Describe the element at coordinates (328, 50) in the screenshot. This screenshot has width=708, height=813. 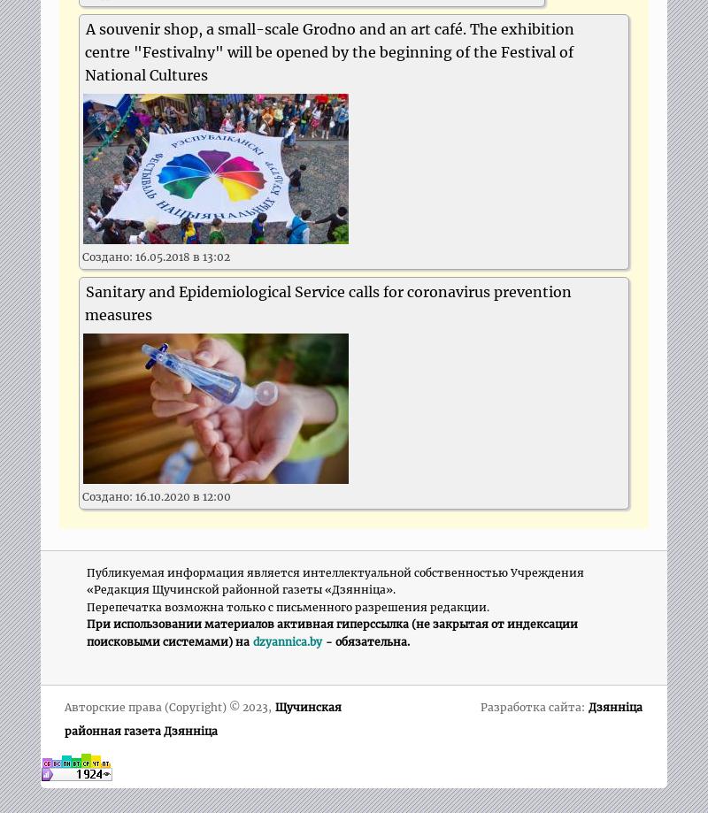
I see `'A souvenir shop, a small-scale Grodno and an art café. The exhibition centre "Festivalny" will be opened by the beginning of the Festival of National Cultures'` at that location.